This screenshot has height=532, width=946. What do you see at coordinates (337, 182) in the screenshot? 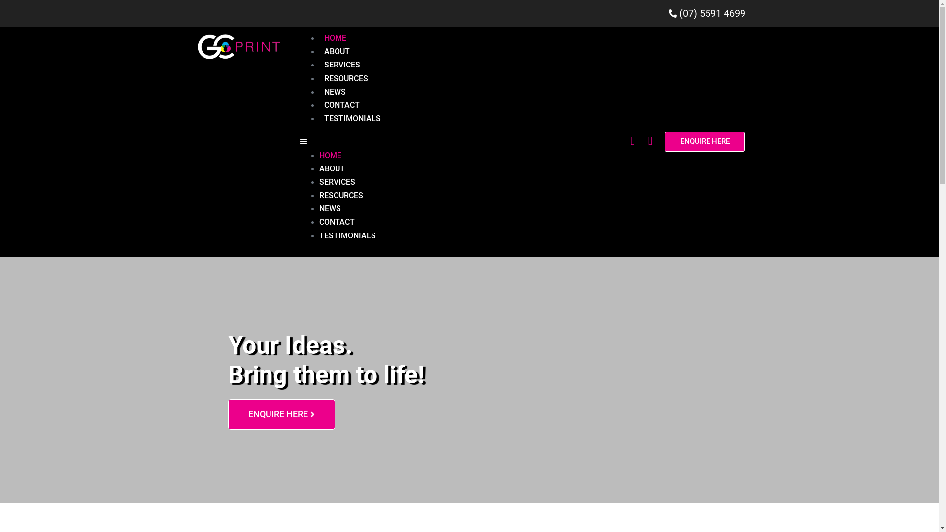
I see `'SERVICES'` at bounding box center [337, 182].